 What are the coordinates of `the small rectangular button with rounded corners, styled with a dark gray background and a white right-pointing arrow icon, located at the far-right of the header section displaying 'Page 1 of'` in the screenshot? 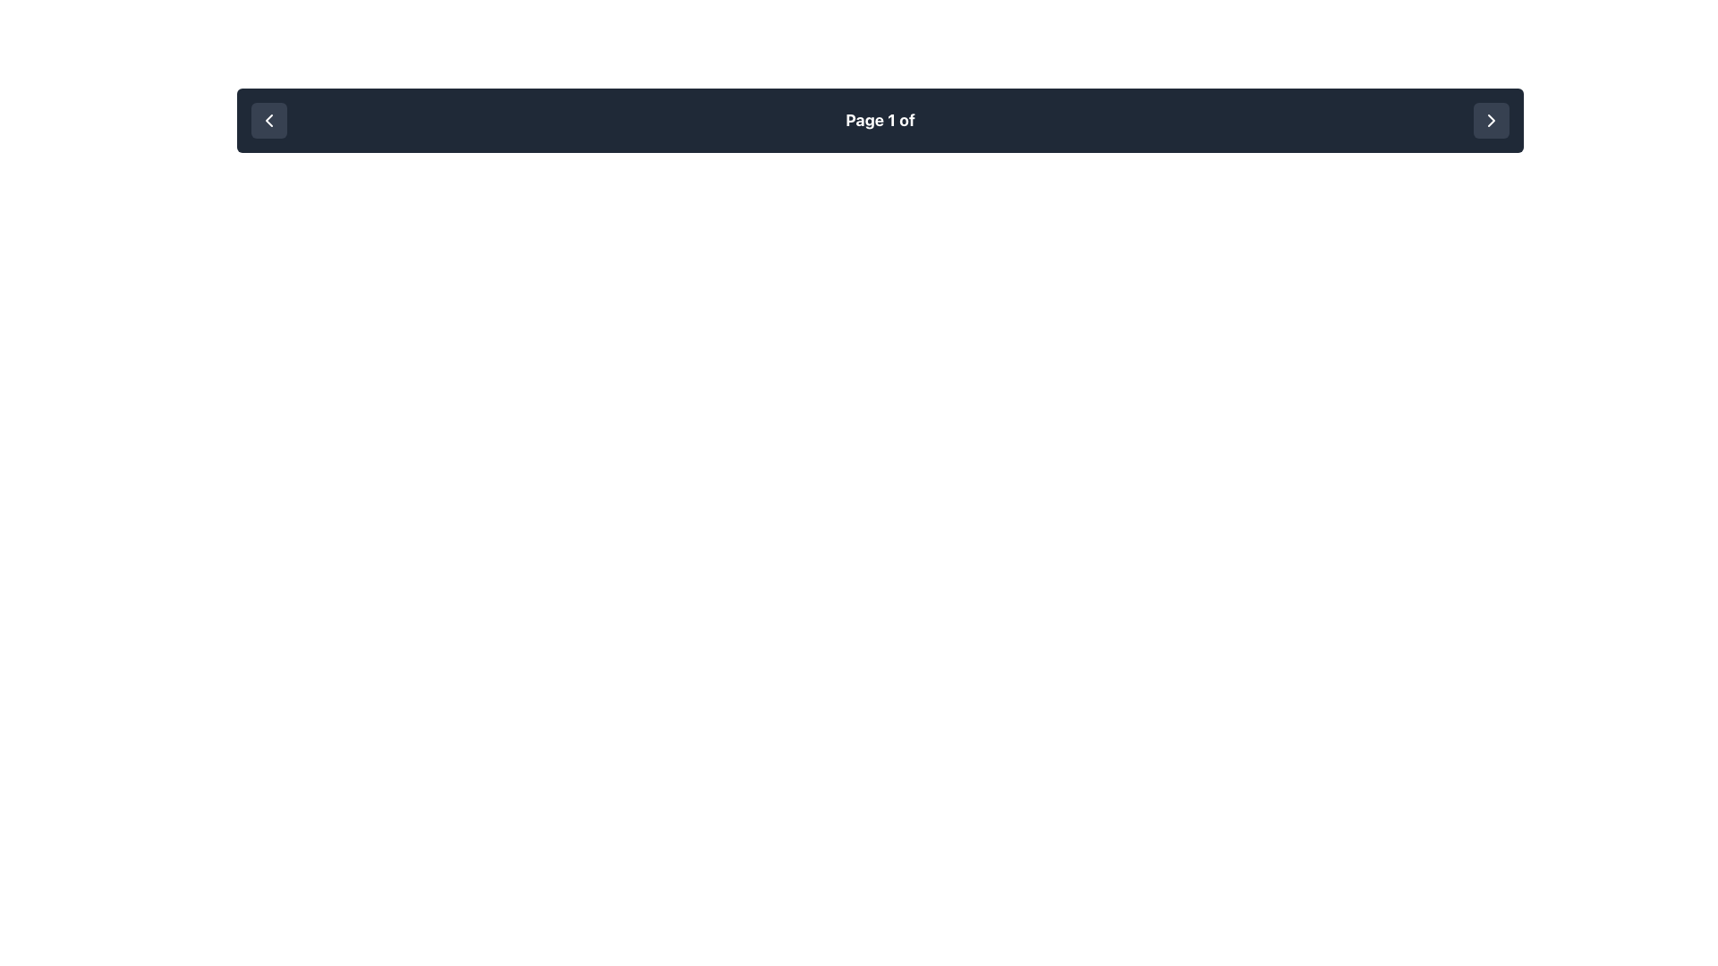 It's located at (1491, 121).